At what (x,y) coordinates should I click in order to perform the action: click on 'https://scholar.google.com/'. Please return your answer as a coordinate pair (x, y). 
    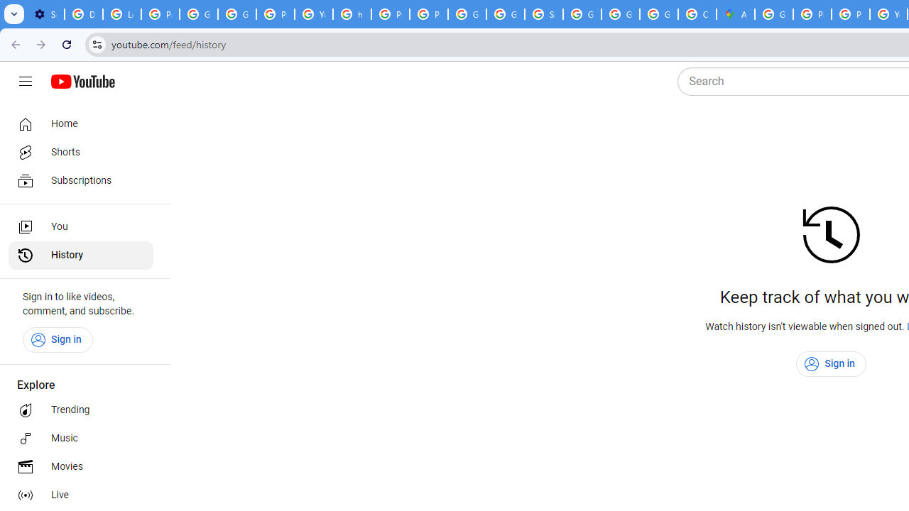
    Looking at the image, I should click on (352, 14).